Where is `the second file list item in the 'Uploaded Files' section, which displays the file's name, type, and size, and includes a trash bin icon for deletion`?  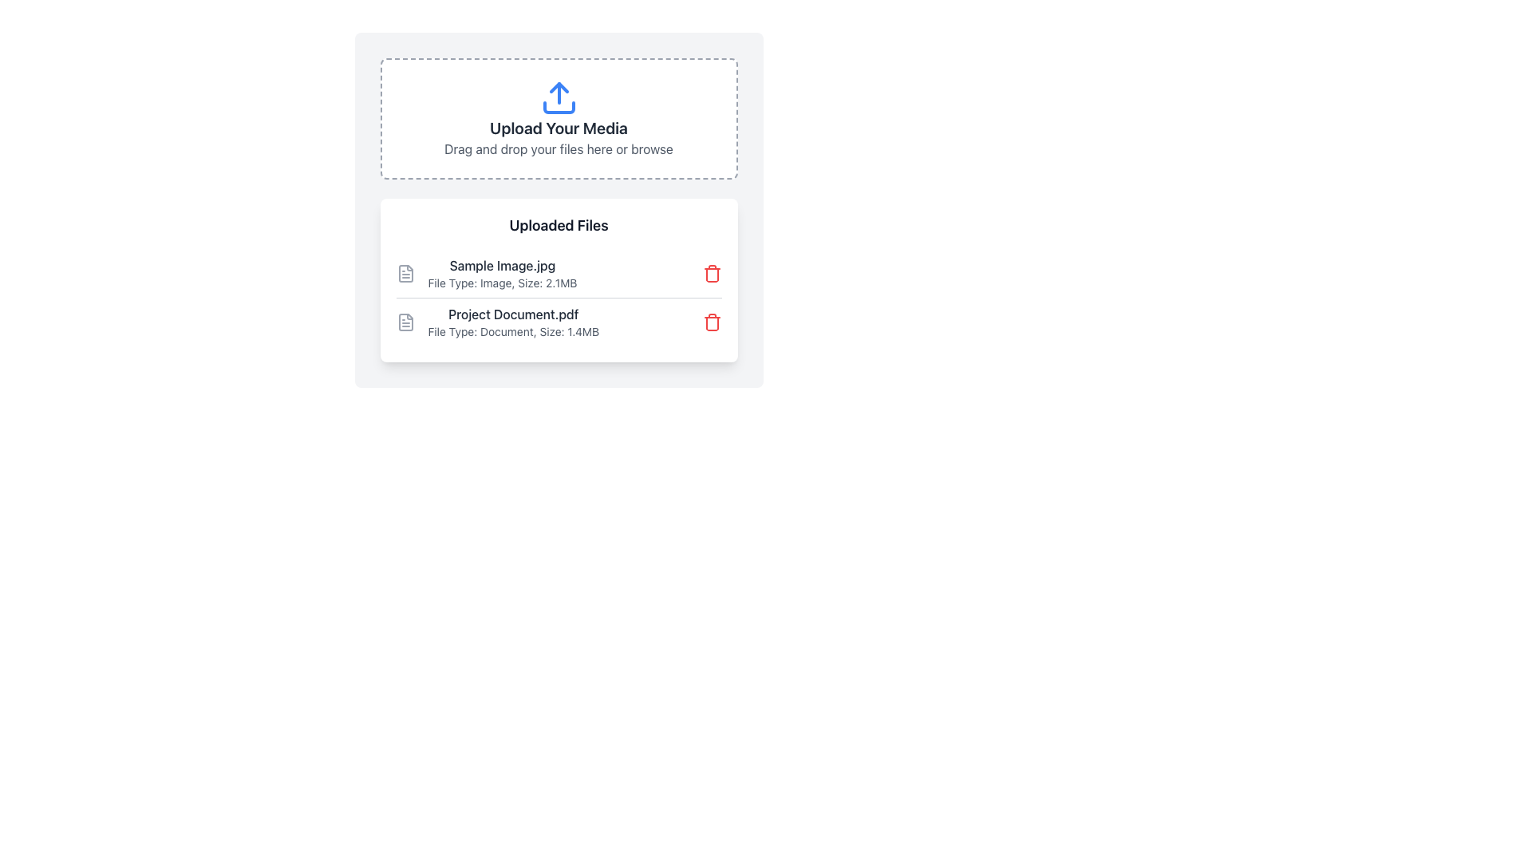
the second file list item in the 'Uploaded Files' section, which displays the file's name, type, and size, and includes a trash bin icon for deletion is located at coordinates (559, 322).